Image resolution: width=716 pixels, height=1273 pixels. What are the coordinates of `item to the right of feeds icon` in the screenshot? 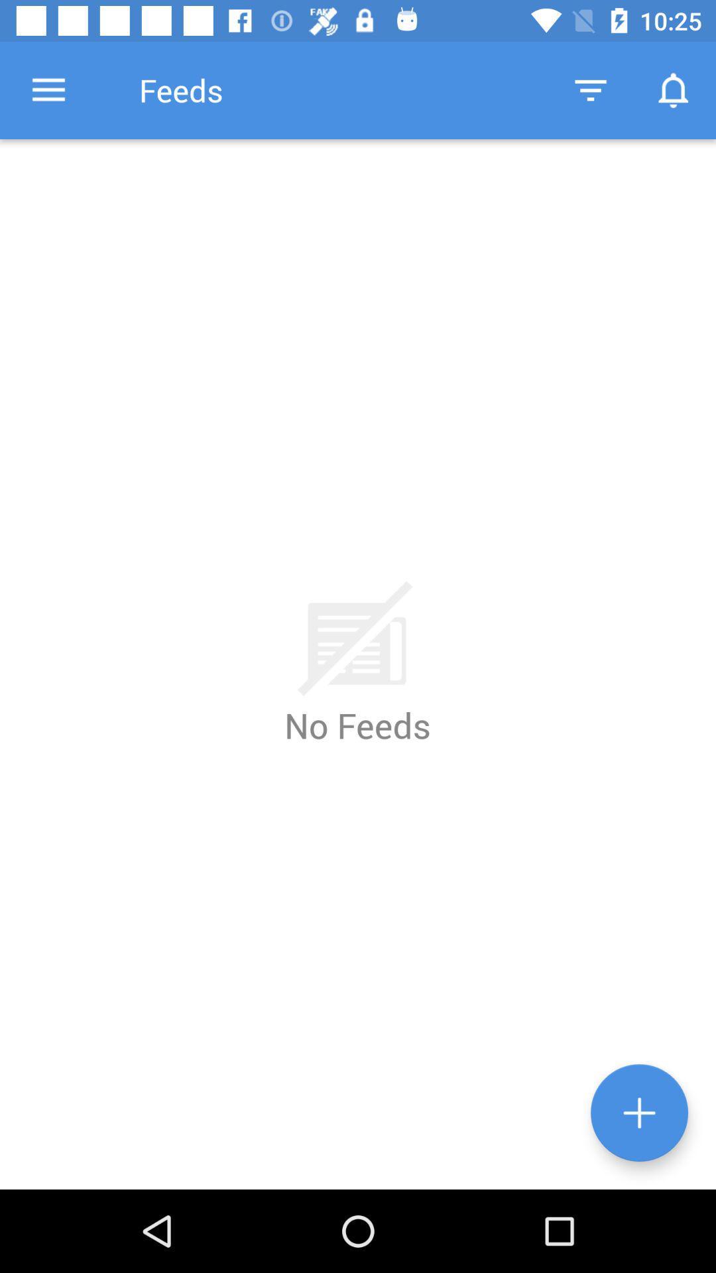 It's located at (590, 90).